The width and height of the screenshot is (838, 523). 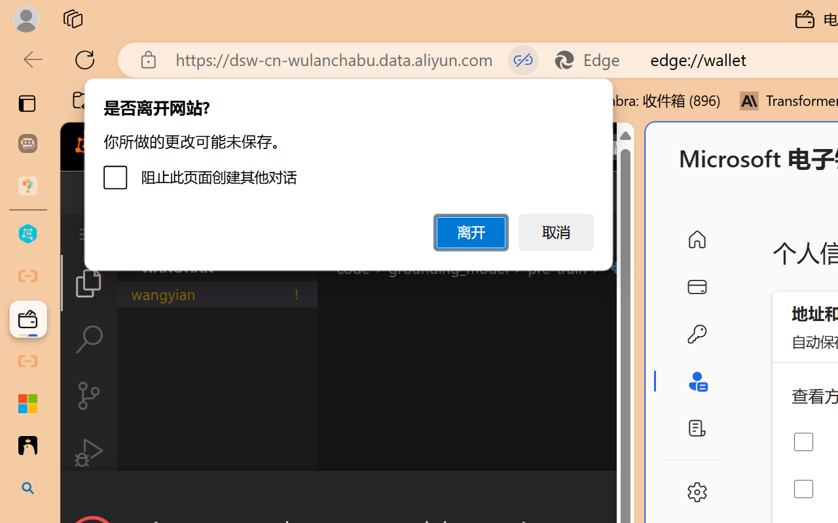 What do you see at coordinates (88, 452) in the screenshot?
I see `'Run and Debug (Ctrl+Shift+D)'` at bounding box center [88, 452].